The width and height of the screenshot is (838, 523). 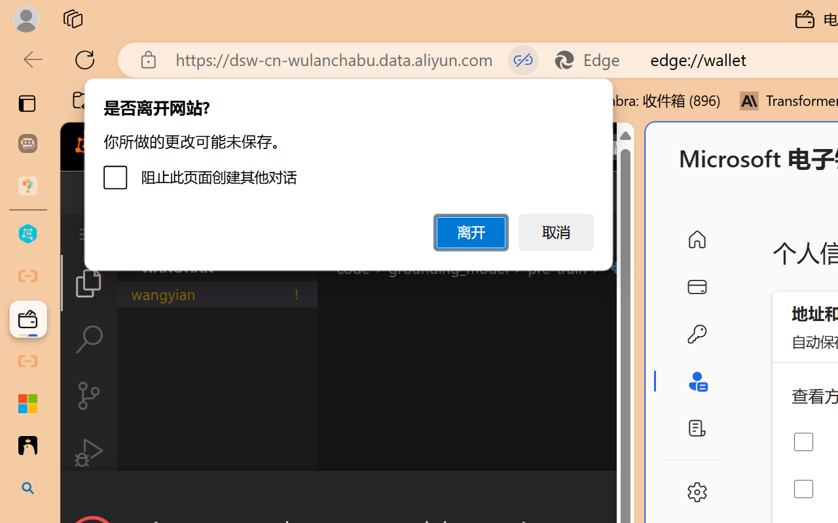 What do you see at coordinates (88, 452) in the screenshot?
I see `'Run and Debug (Ctrl+Shift+D)'` at bounding box center [88, 452].